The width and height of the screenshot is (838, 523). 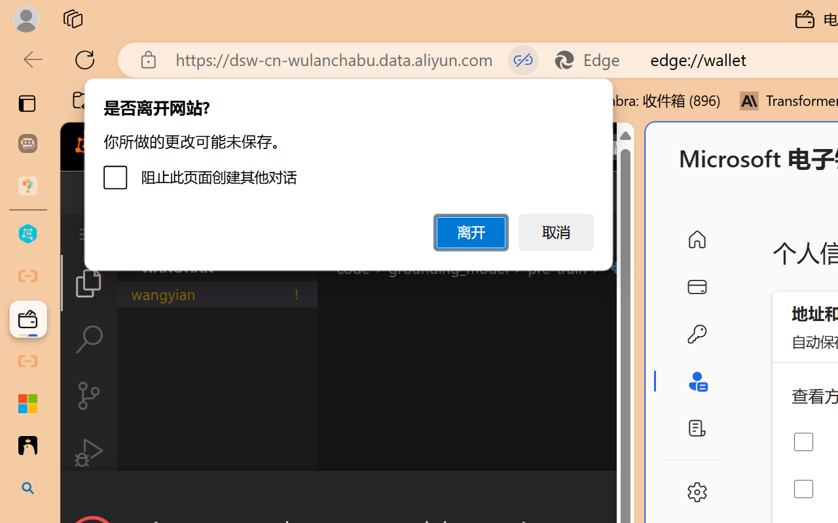 What do you see at coordinates (88, 452) in the screenshot?
I see `'Run and Debug (Ctrl+Shift+D)'` at bounding box center [88, 452].